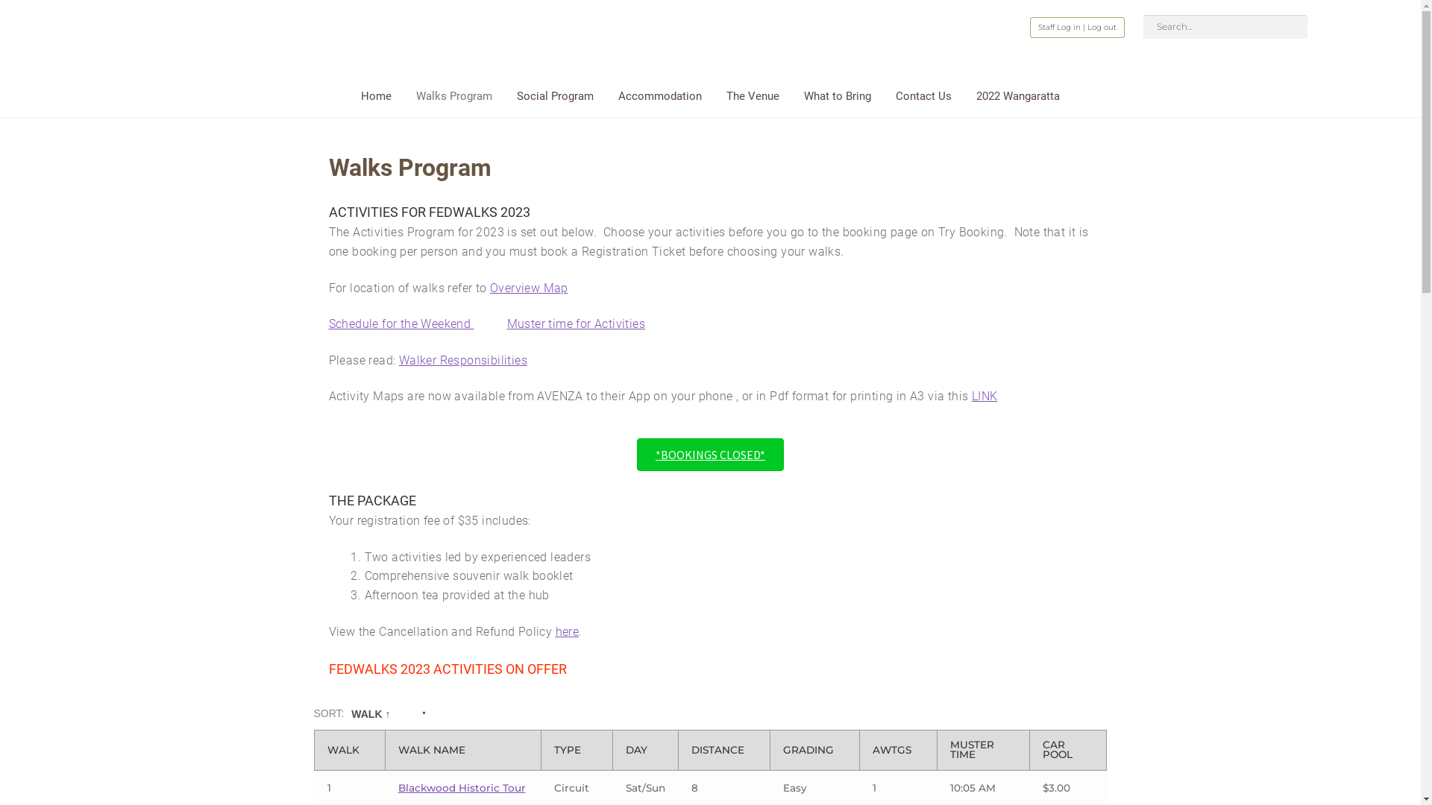  I want to click on 'WALK NAME', so click(462, 750).